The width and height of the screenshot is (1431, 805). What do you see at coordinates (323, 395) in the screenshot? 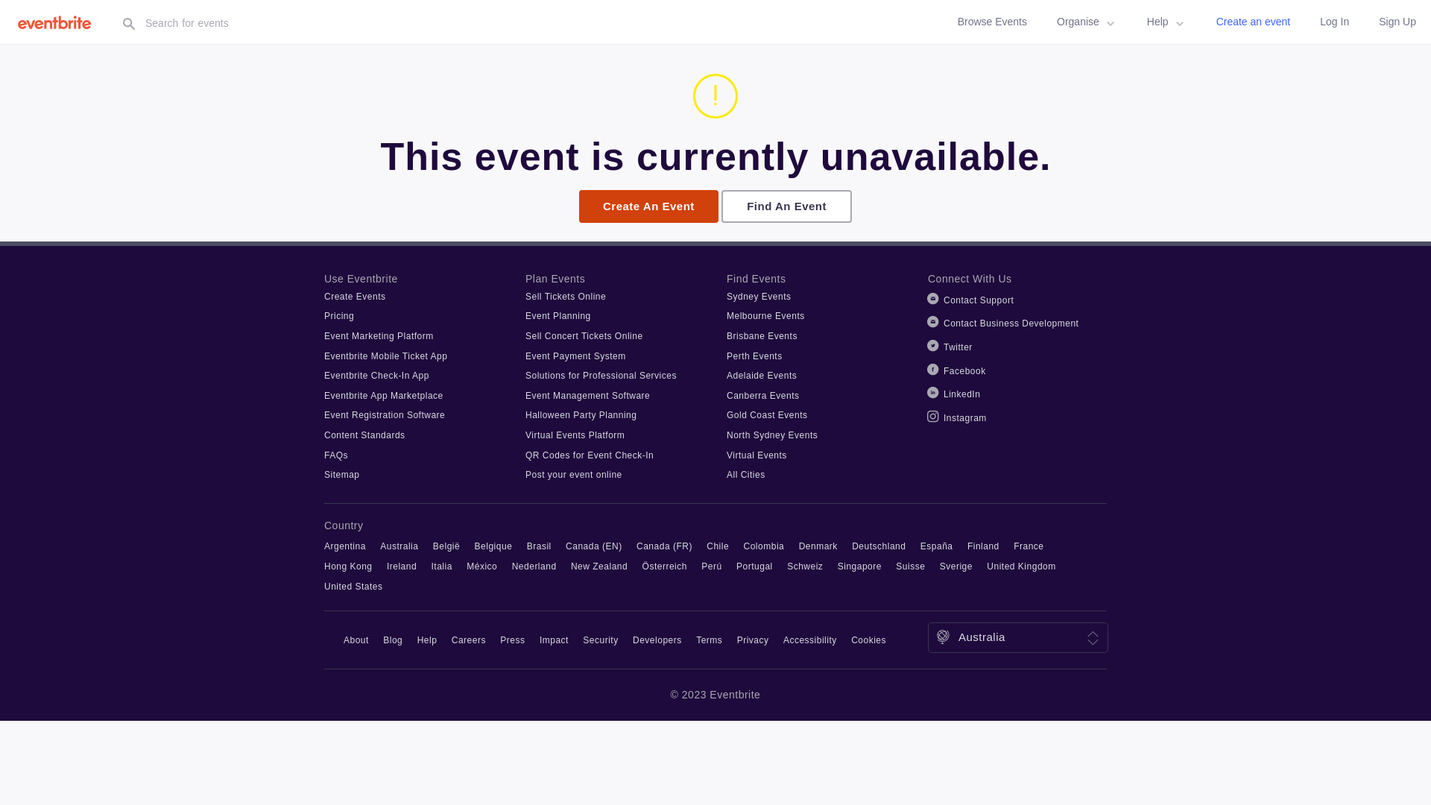
I see `'Eventbrite App Marketplace'` at bounding box center [323, 395].